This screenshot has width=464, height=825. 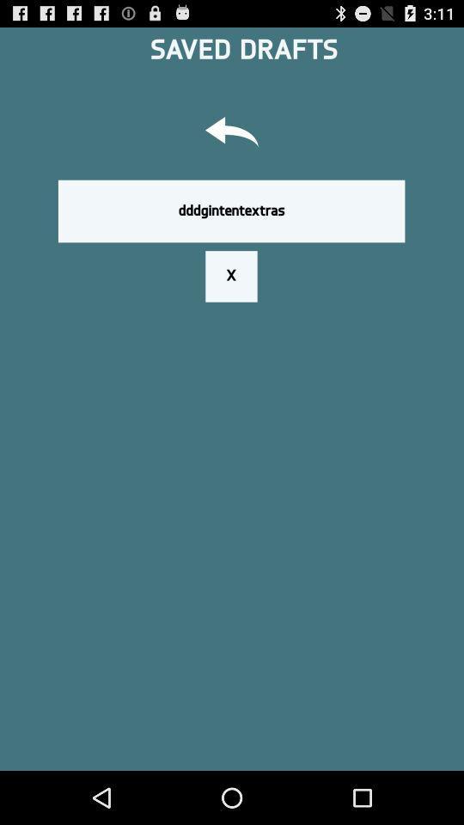 I want to click on the icon at the center, so click(x=231, y=276).